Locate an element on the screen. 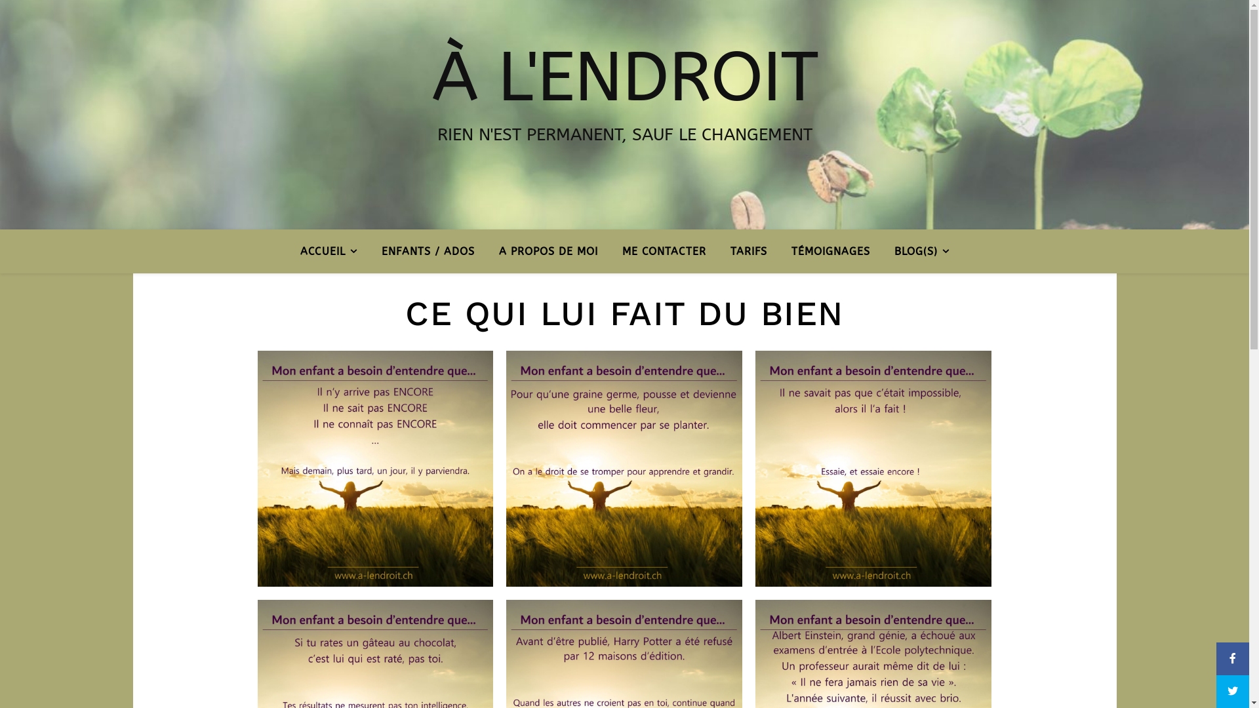 Image resolution: width=1259 pixels, height=708 pixels. 'A PROPOS DE MOI' is located at coordinates (487, 251).